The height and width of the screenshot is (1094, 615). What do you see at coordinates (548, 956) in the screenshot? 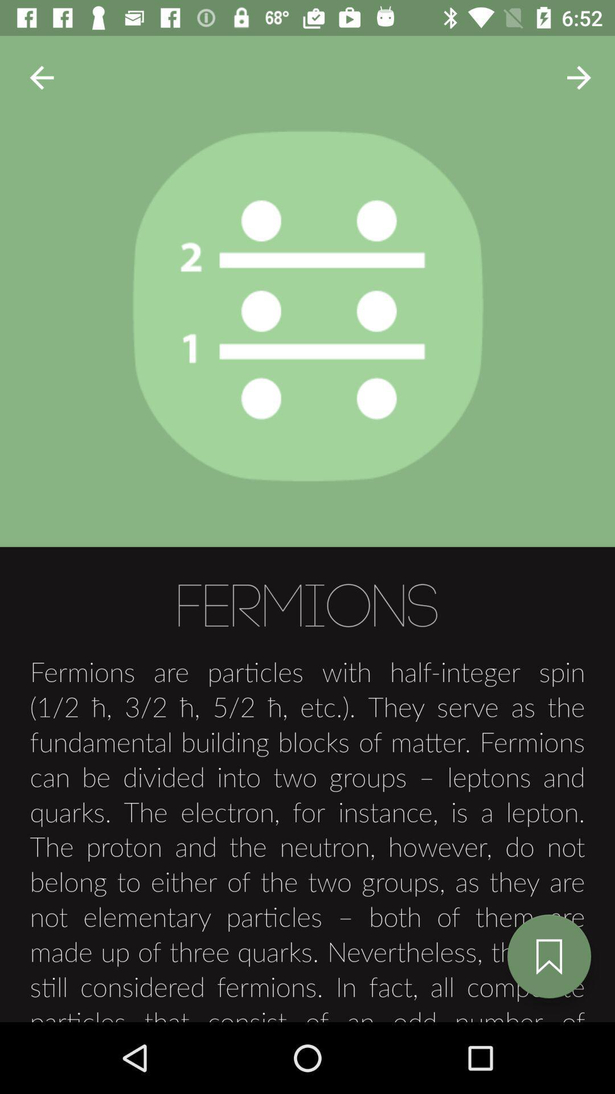
I see `button` at bounding box center [548, 956].